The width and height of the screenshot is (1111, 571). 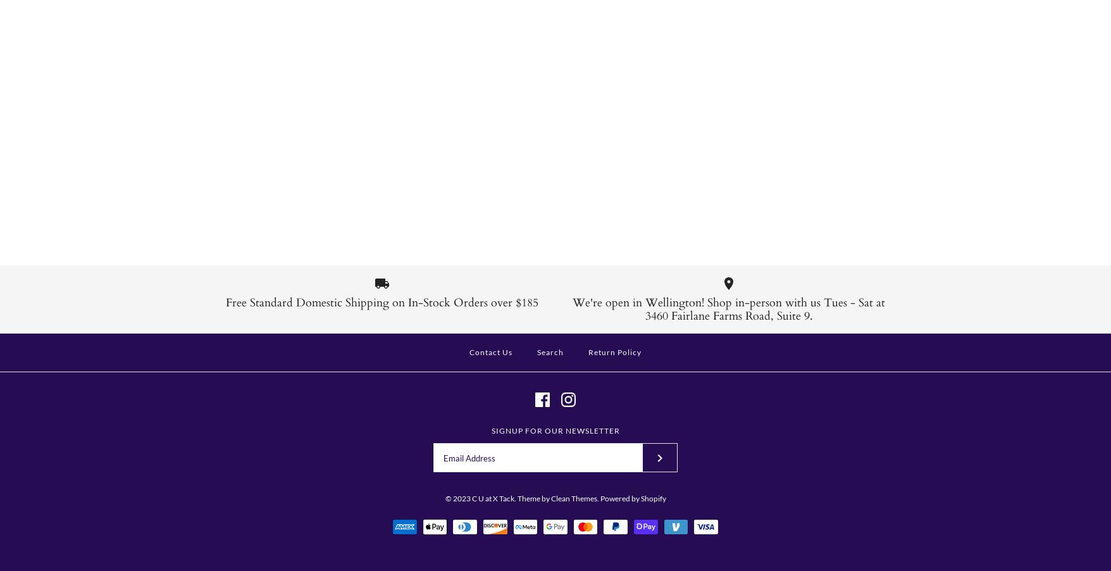 What do you see at coordinates (532, 497) in the screenshot?
I see `'Theme by'` at bounding box center [532, 497].